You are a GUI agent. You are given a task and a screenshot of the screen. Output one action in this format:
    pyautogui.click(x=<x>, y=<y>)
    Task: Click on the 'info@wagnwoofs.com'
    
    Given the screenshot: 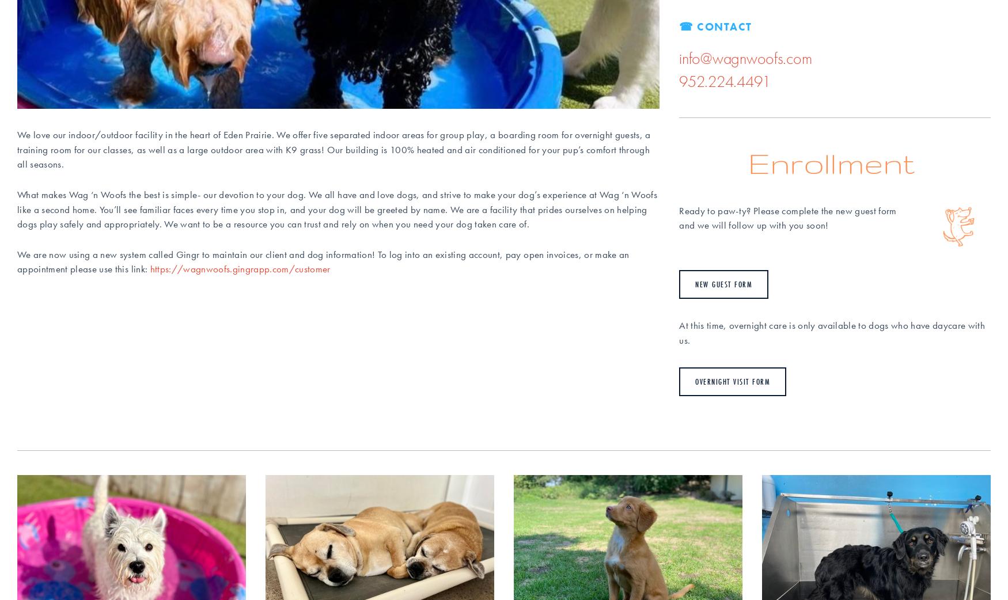 What is the action you would take?
    pyautogui.click(x=678, y=58)
    